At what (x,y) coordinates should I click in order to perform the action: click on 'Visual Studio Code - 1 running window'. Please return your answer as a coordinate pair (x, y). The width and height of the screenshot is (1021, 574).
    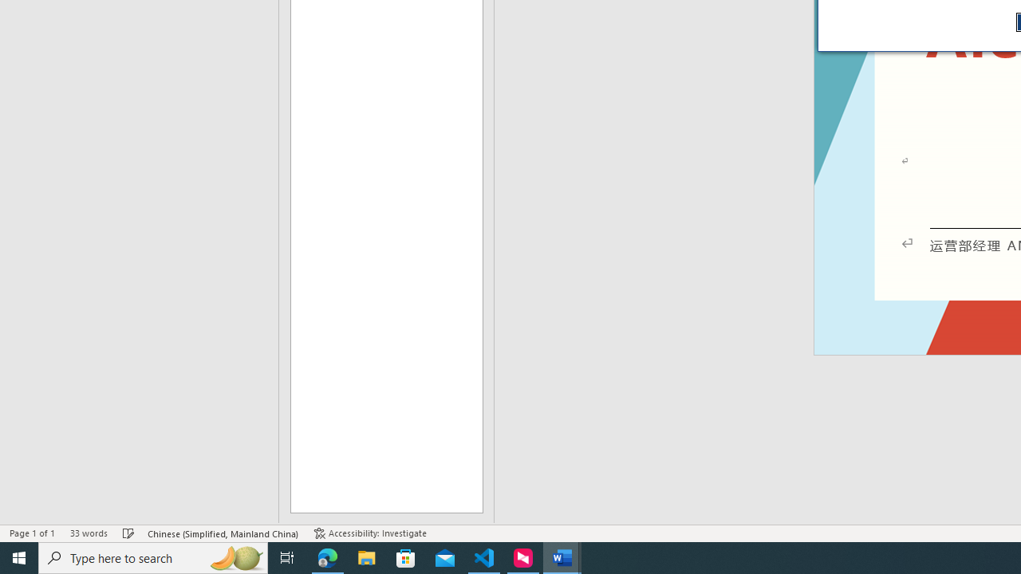
    Looking at the image, I should click on (483, 556).